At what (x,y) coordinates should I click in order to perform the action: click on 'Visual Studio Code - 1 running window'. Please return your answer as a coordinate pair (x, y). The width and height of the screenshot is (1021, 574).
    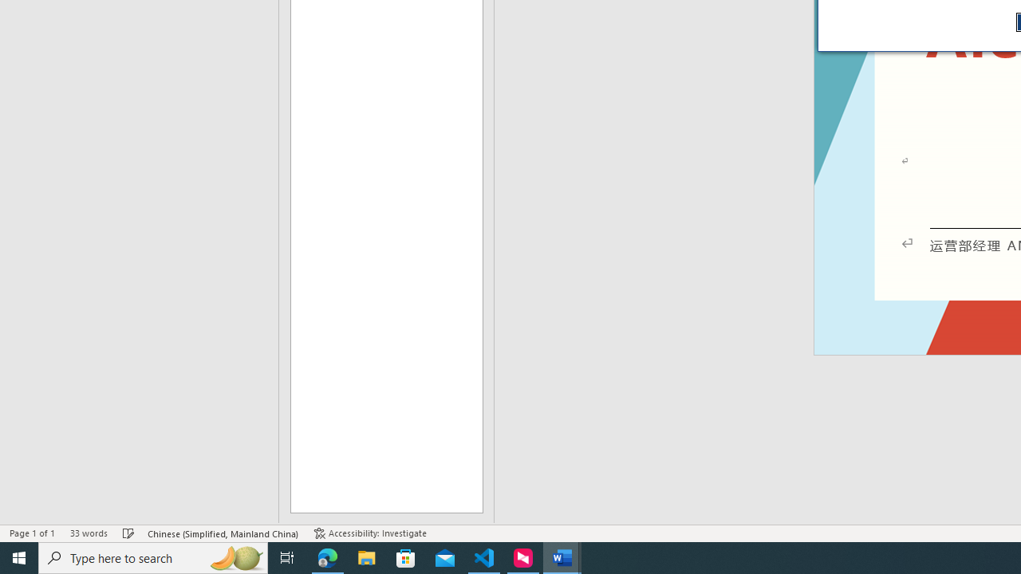
    Looking at the image, I should click on (483, 556).